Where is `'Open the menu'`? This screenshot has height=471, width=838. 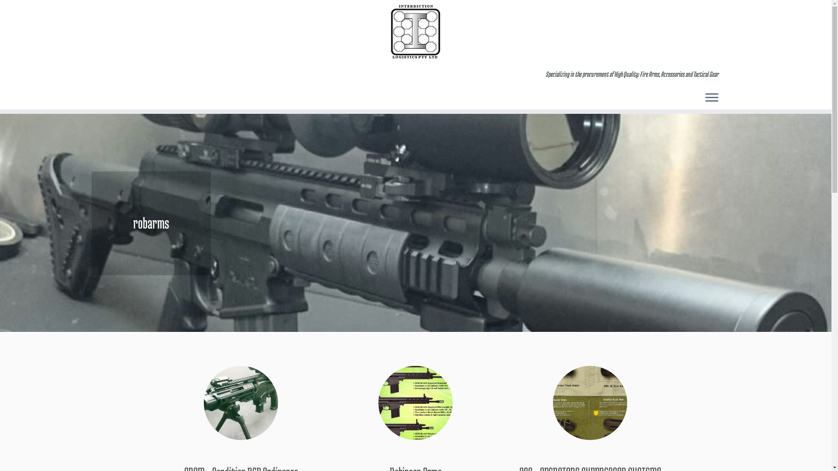
'Open the menu' is located at coordinates (712, 98).